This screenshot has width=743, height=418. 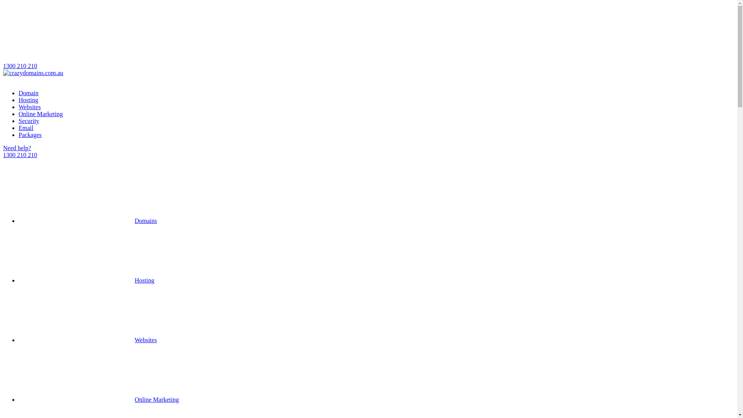 I want to click on 'Websites', so click(x=19, y=107).